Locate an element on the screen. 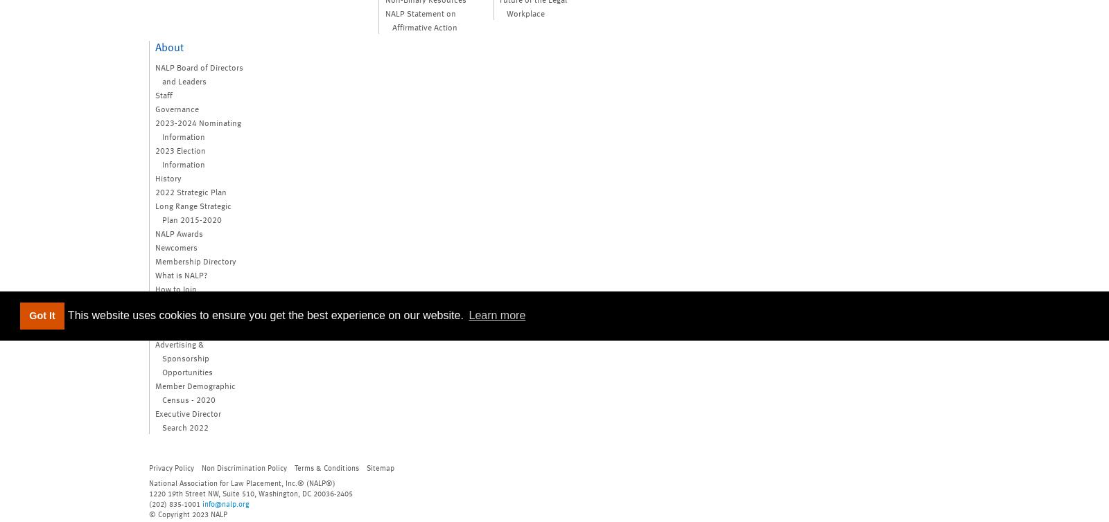 The image size is (1109, 522). 'NALP Awards' is located at coordinates (179, 231).